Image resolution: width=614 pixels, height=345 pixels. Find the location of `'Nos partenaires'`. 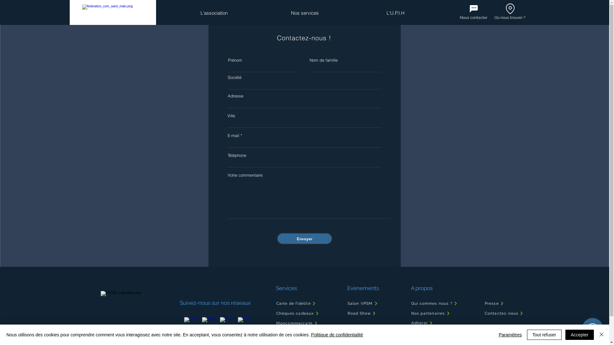

'Nos partenaires' is located at coordinates (441, 313).